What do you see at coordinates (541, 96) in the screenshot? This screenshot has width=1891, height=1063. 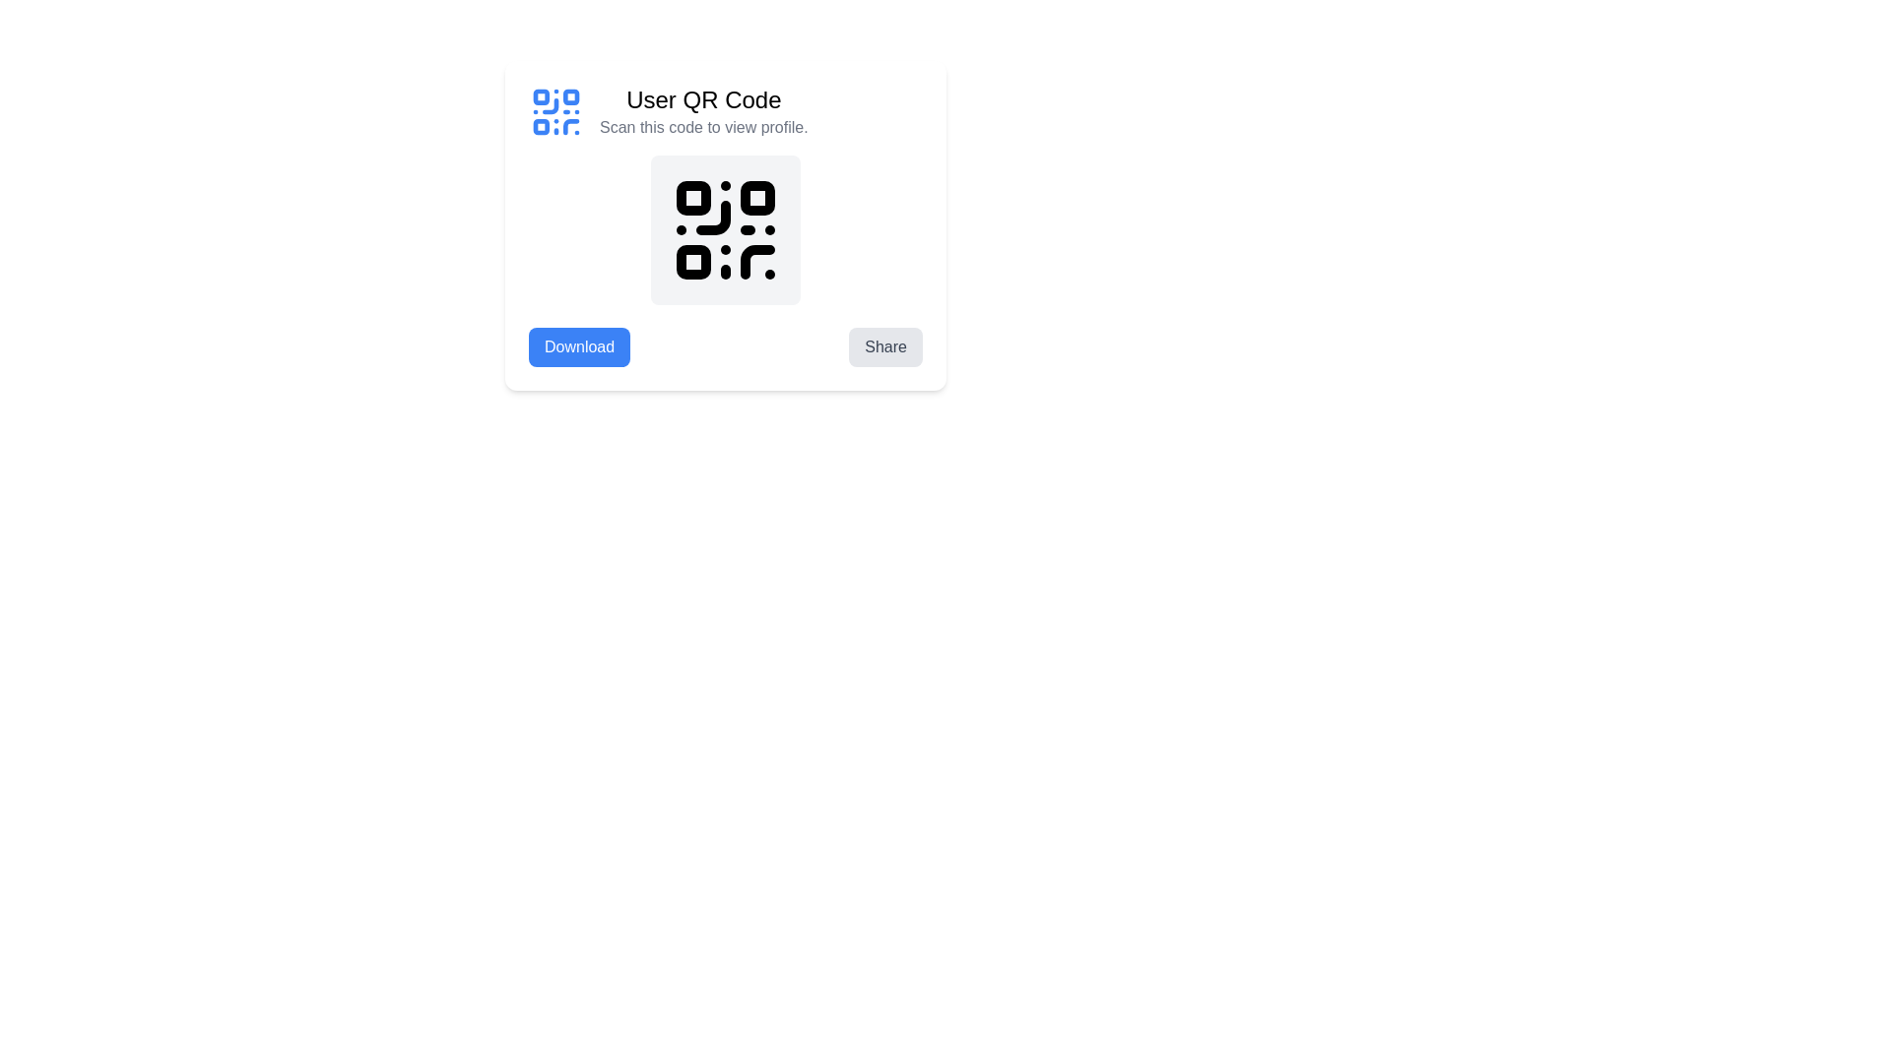 I see `the small blue square with rounded corners located in the top-left corner of the QR code icon, just above the text 'User QR Code'` at bounding box center [541, 96].